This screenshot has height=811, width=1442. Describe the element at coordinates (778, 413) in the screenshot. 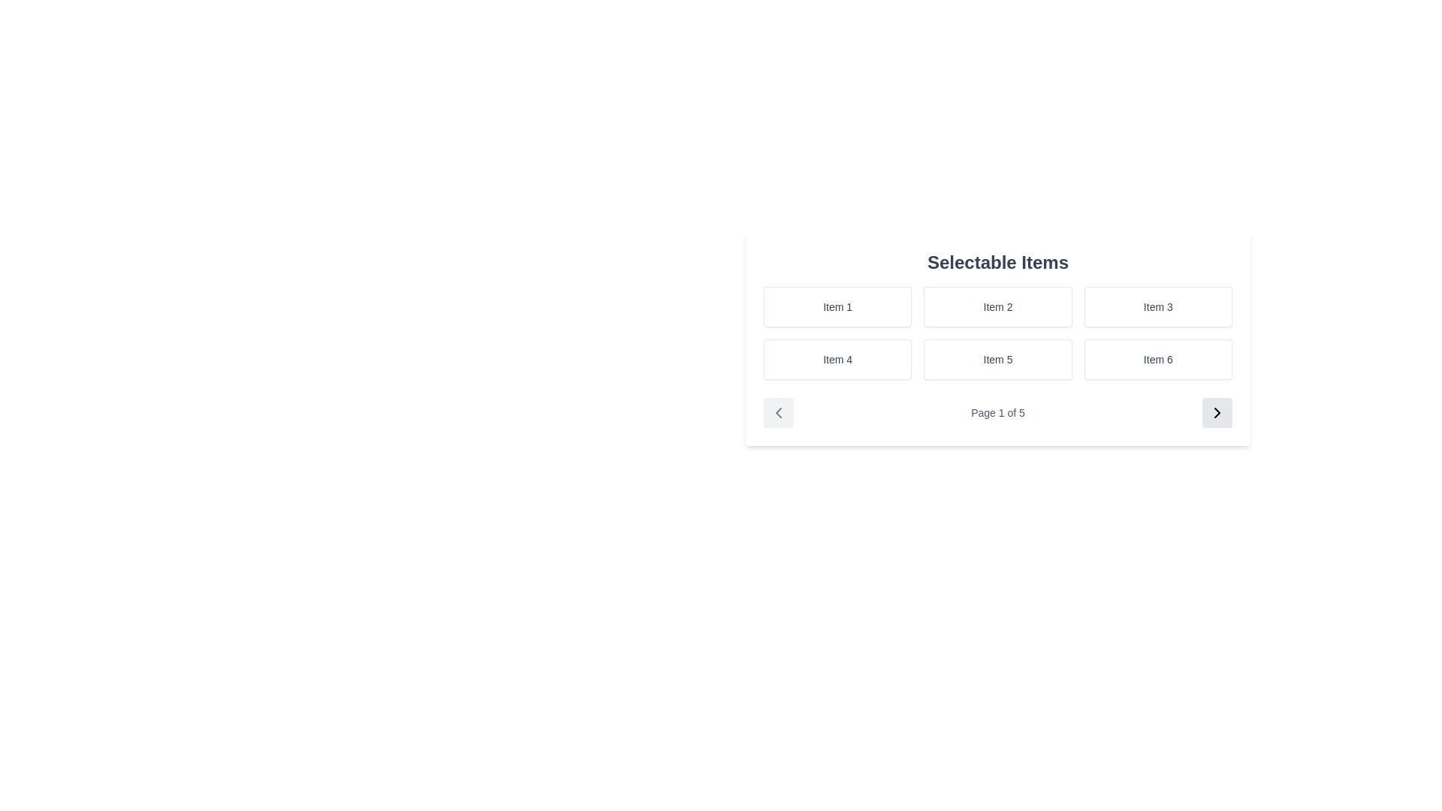

I see `the left-pointing chevron icon inside the circular button located in the lower-left corner of the 'Selectable Items' panel` at that location.